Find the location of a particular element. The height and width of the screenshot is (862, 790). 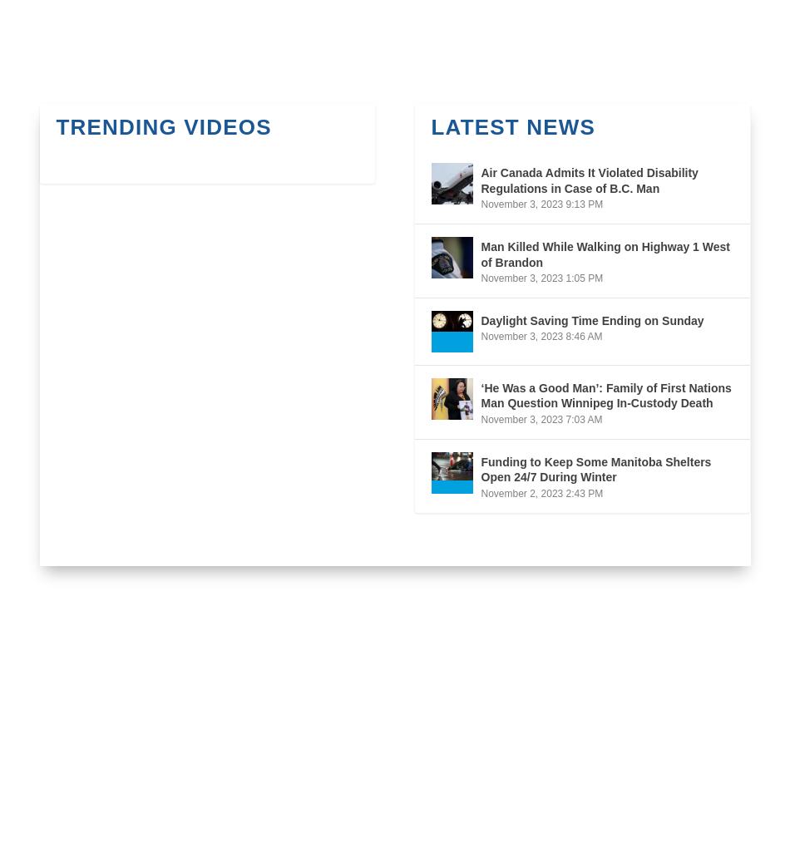

'November 2, 2023 2:43 PM' is located at coordinates (480, 492).